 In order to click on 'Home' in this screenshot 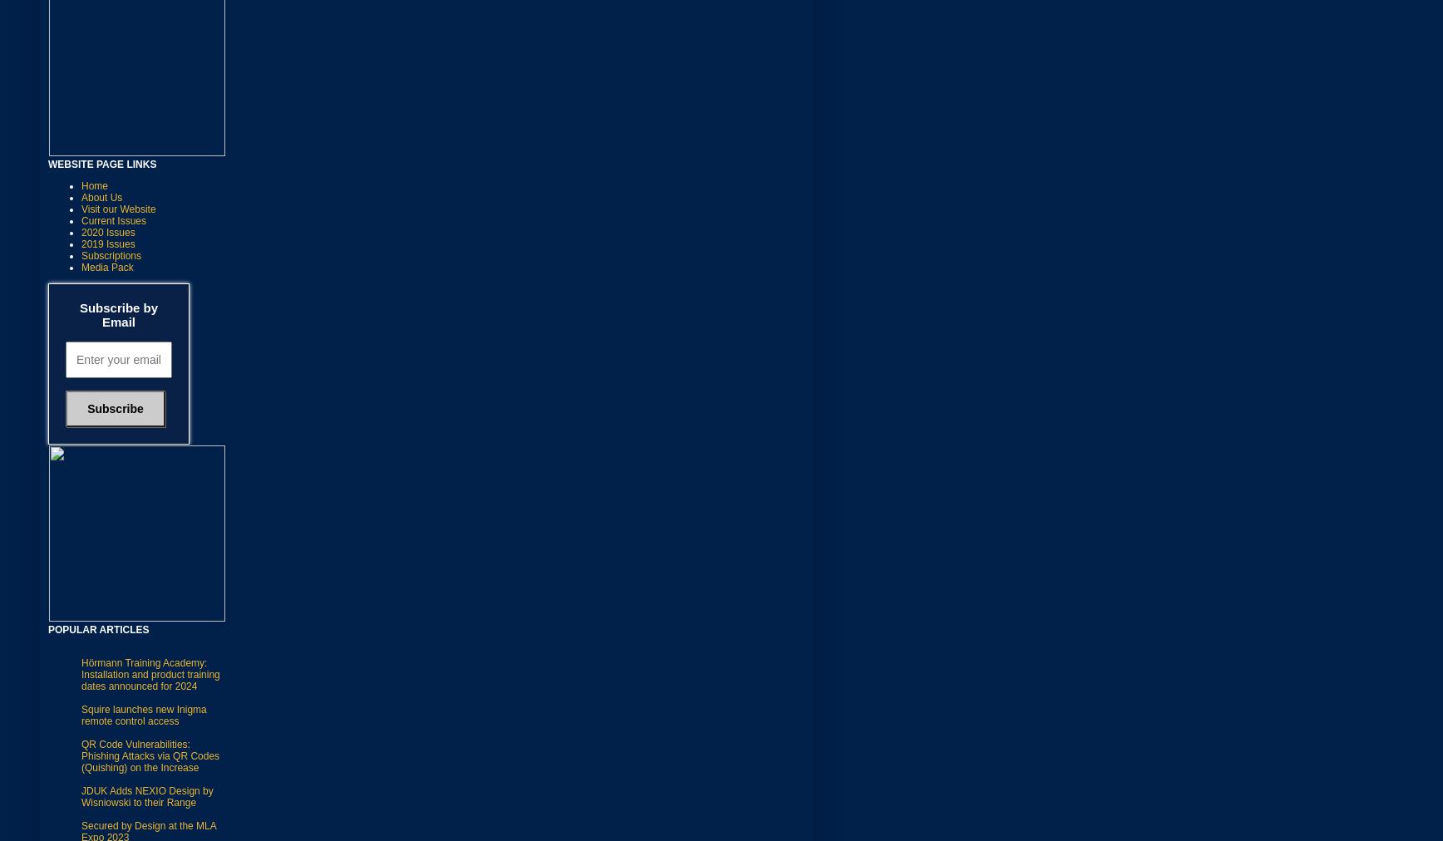, I will do `click(94, 185)`.